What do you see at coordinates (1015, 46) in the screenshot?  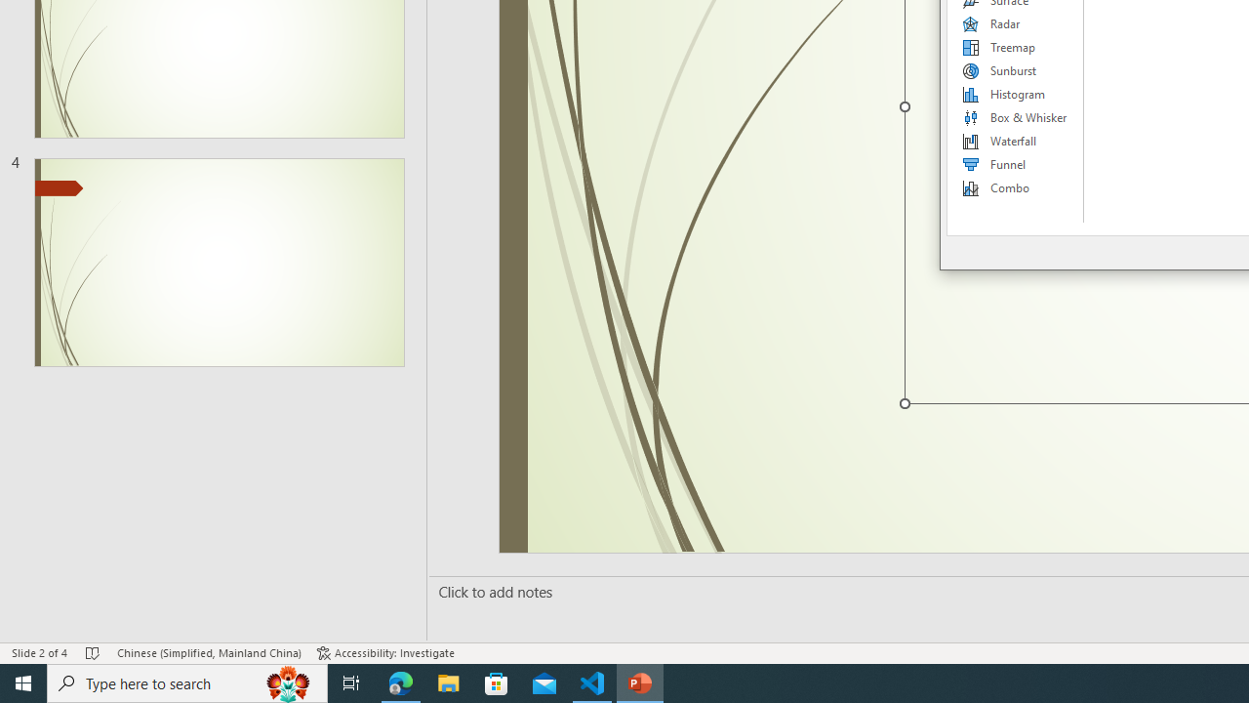 I see `'Treemap'` at bounding box center [1015, 46].